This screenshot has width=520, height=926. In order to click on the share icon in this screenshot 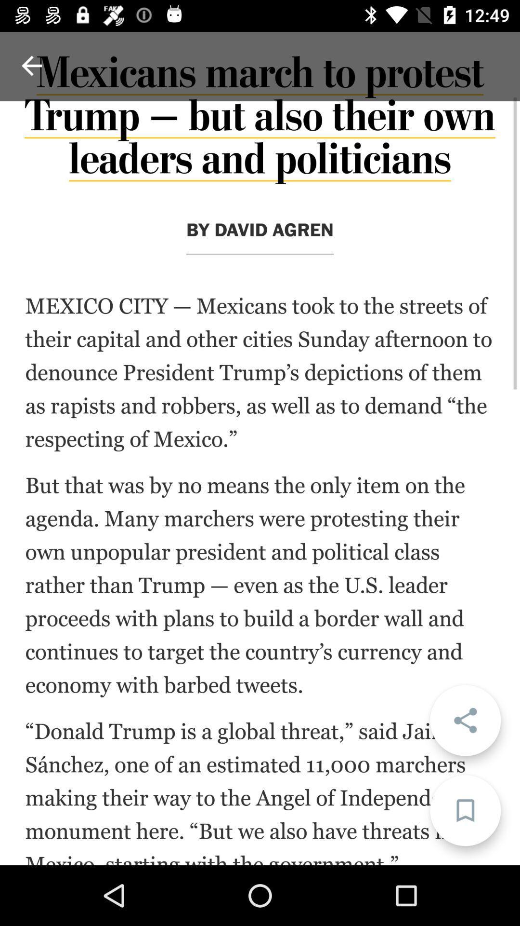, I will do `click(465, 720)`.